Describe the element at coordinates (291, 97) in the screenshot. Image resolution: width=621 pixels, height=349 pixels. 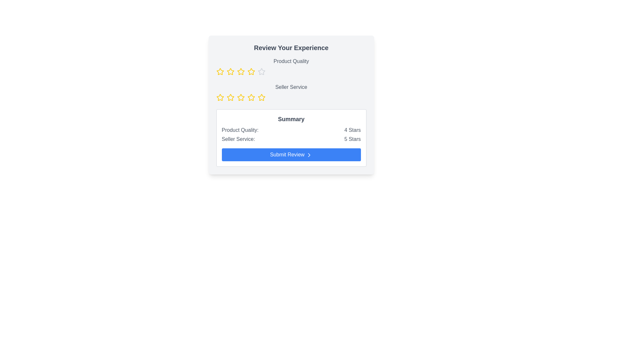
I see `the star in the A star rating component located below the 'Seller Service' title` at that location.